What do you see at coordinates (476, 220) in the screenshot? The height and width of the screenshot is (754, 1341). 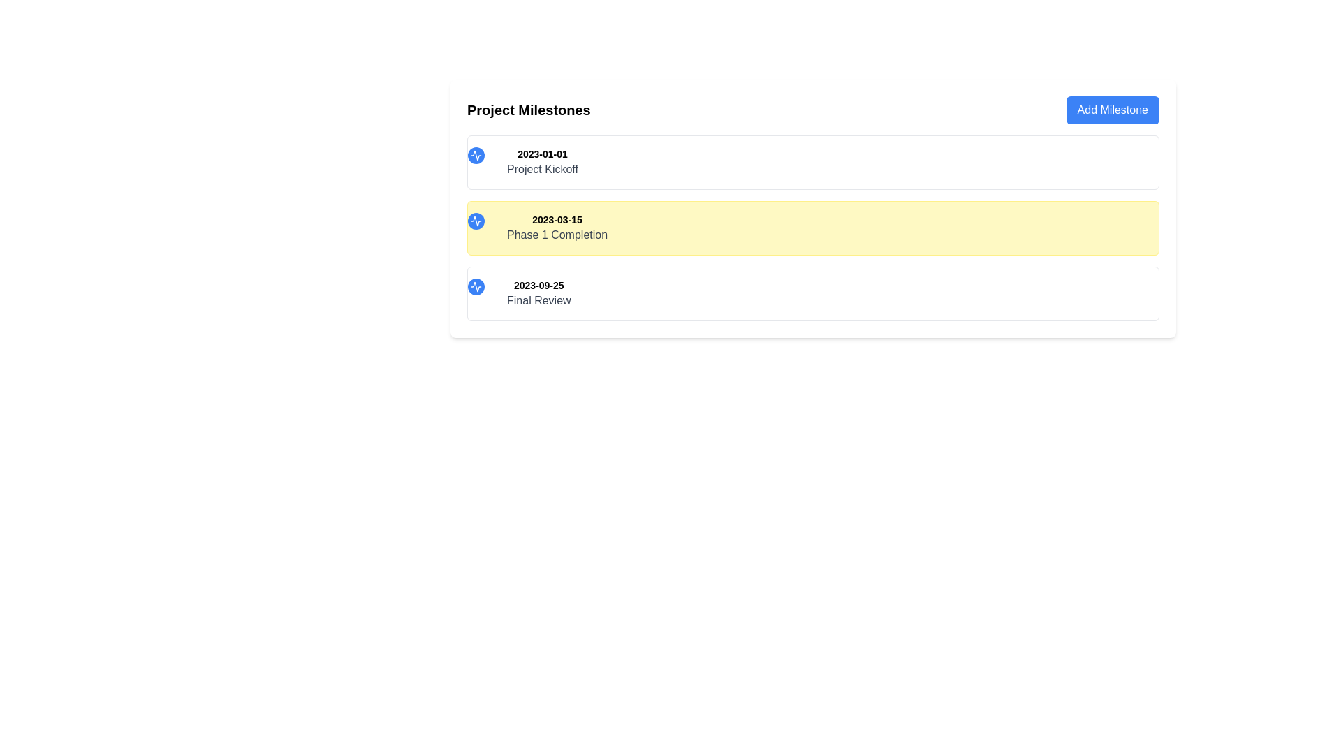 I see `the small graphical icon resembling a waveform, which is encased in a circular blue background with white accents, positioned next to the date '2023-03-15' in the structured list layout` at bounding box center [476, 220].